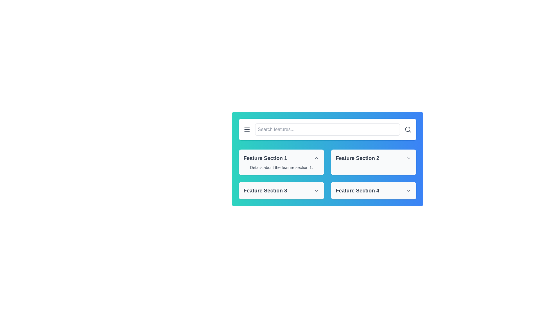  I want to click on the 'Feature Section 2' Collapsible Header/Dropdown Trigger, so click(373, 158).